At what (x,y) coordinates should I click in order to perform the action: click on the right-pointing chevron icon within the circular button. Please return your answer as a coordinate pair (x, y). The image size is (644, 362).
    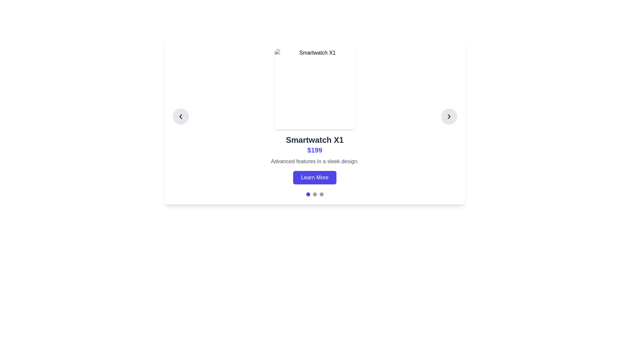
    Looking at the image, I should click on (449, 116).